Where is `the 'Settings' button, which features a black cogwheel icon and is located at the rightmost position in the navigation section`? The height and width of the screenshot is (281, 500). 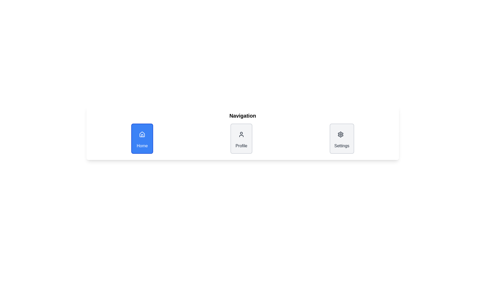 the 'Settings' button, which features a black cogwheel icon and is located at the rightmost position in the navigation section is located at coordinates (342, 138).